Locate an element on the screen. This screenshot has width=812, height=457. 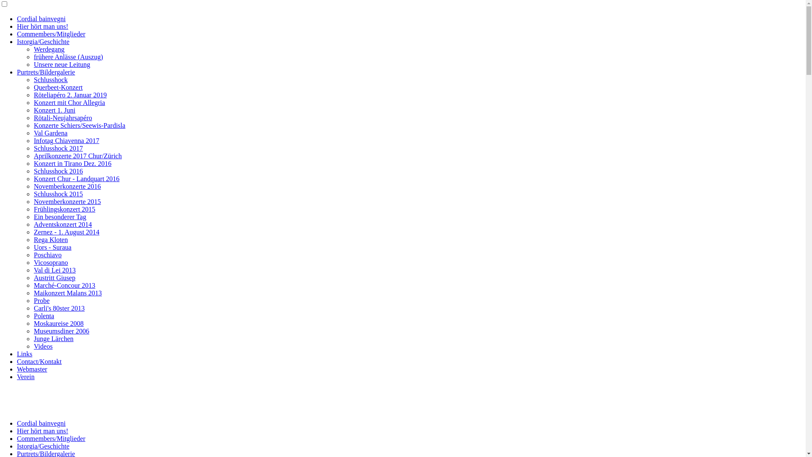
'Konzert in Tirano Dez. 2016' is located at coordinates (73, 163).